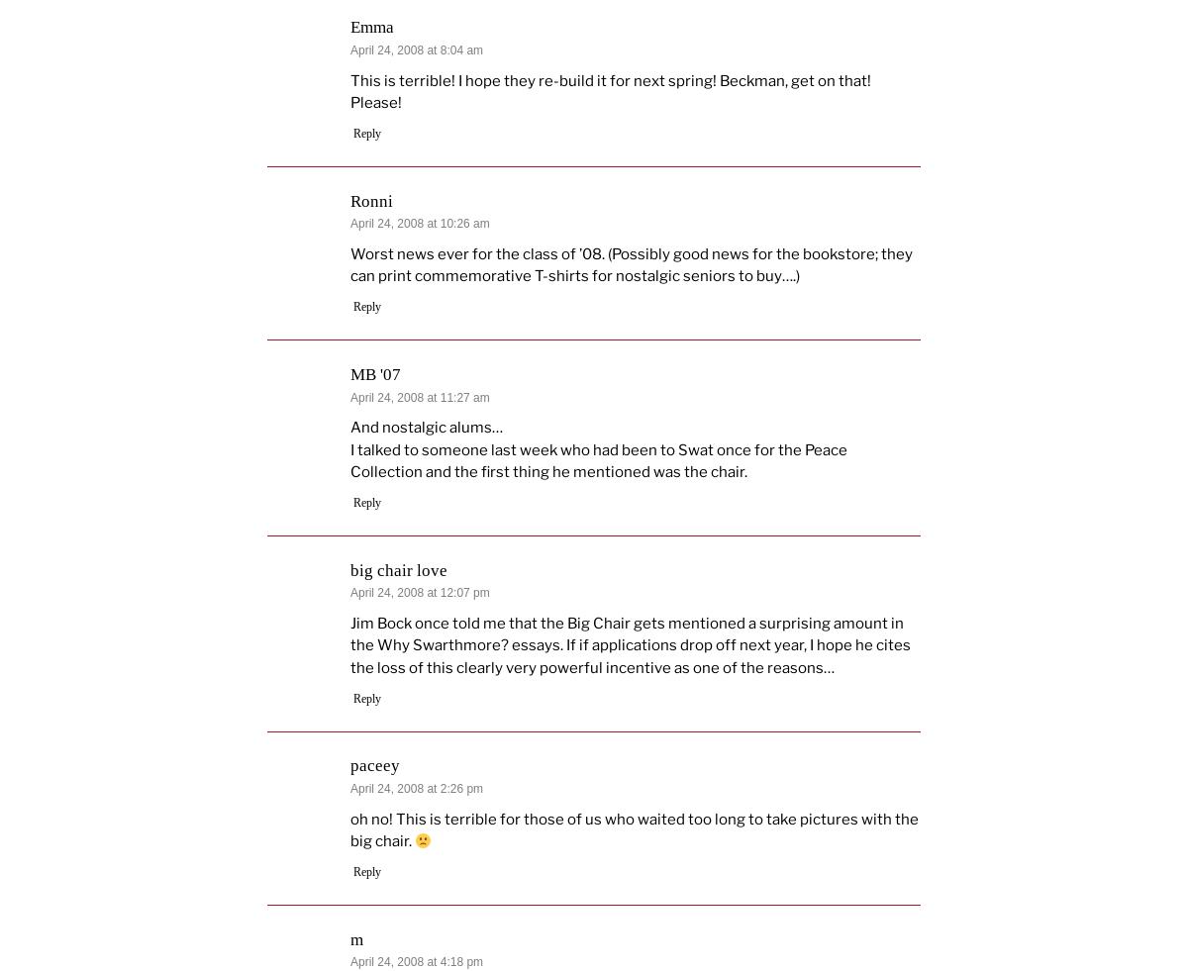  Describe the element at coordinates (611, 90) in the screenshot. I see `'This is terrible!  I hope they re-build it for next spring!  Beckman, get on that!  Please!'` at that location.